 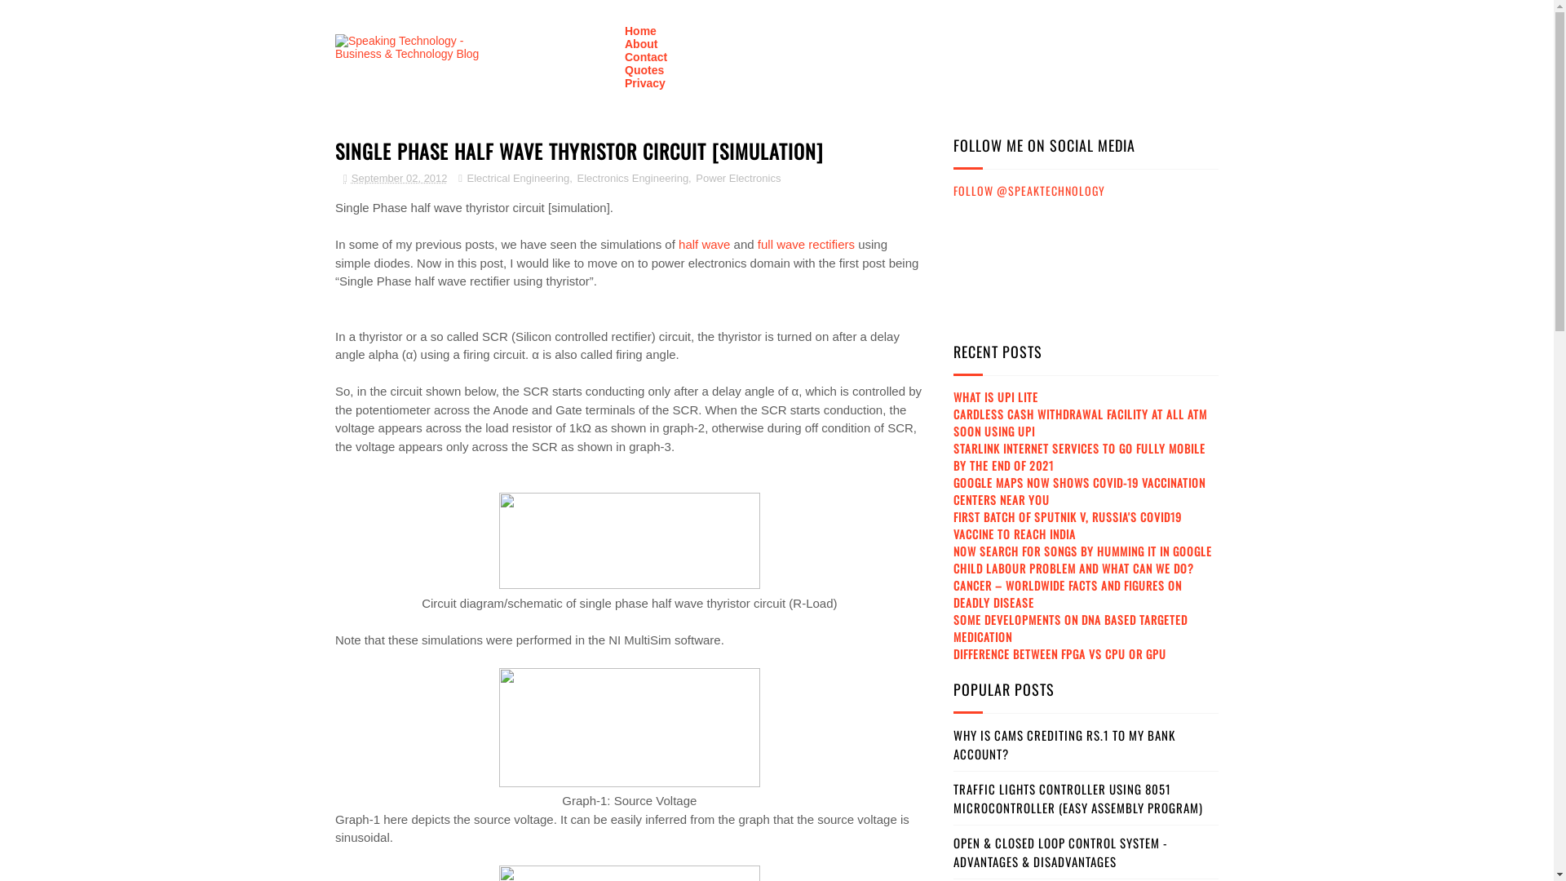 I want to click on 'Quotes', so click(x=644, y=69).